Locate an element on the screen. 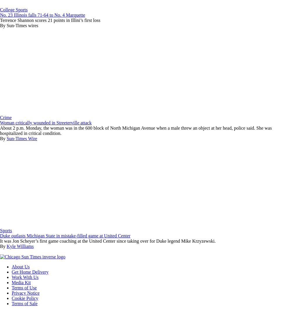 The image size is (292, 311). 'Sun-Times Wire' is located at coordinates (21, 138).